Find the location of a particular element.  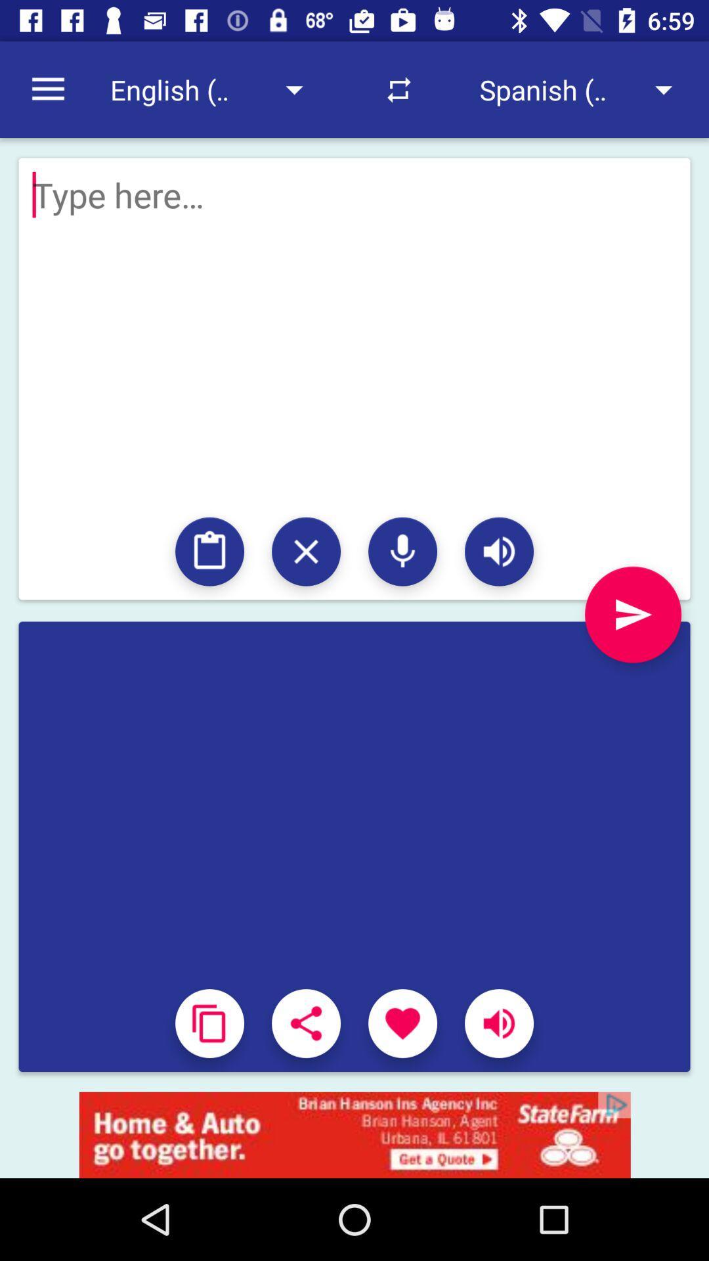

open advertisement is located at coordinates (354, 1134).